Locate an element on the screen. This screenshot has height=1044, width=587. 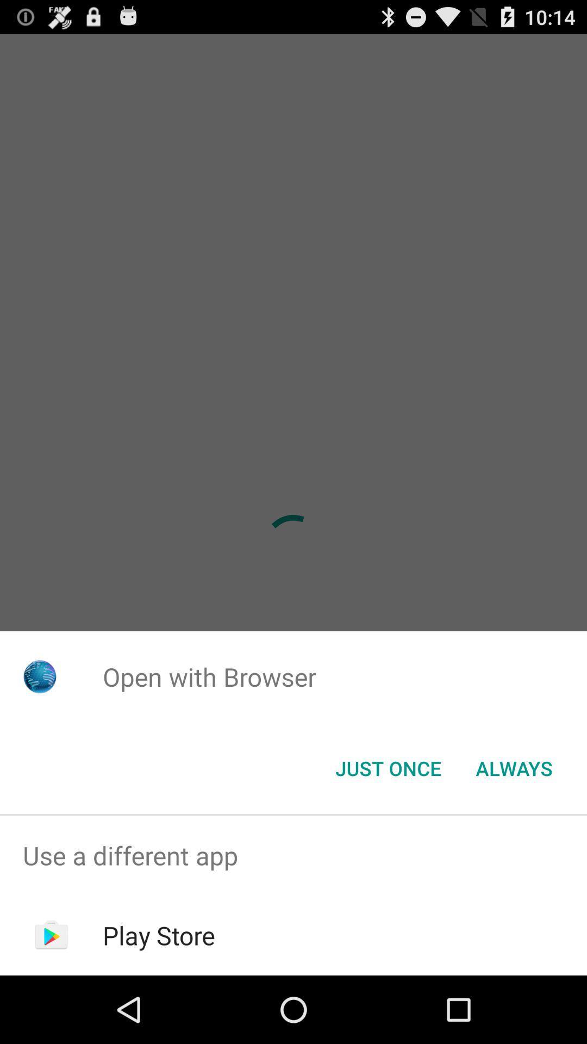
the button at the bottom right corner is located at coordinates (514, 767).